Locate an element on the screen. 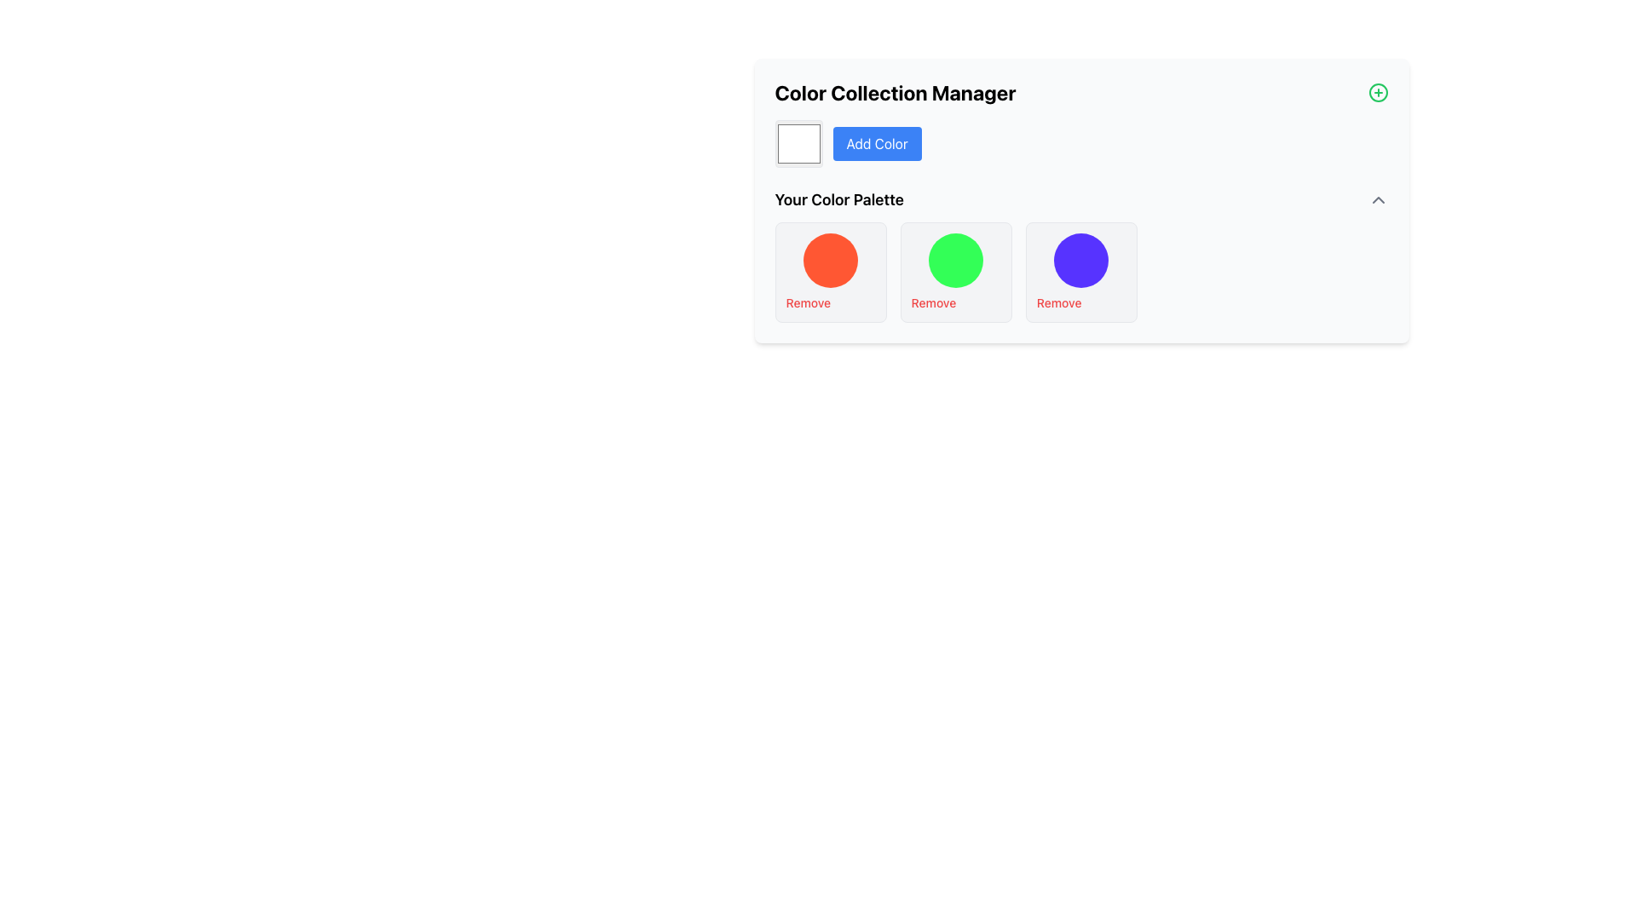 The width and height of the screenshot is (1636, 920). the third circular color indicator in the color palette section, which is bright purple and positioned above the 'Remove' button is located at coordinates (1080, 260).